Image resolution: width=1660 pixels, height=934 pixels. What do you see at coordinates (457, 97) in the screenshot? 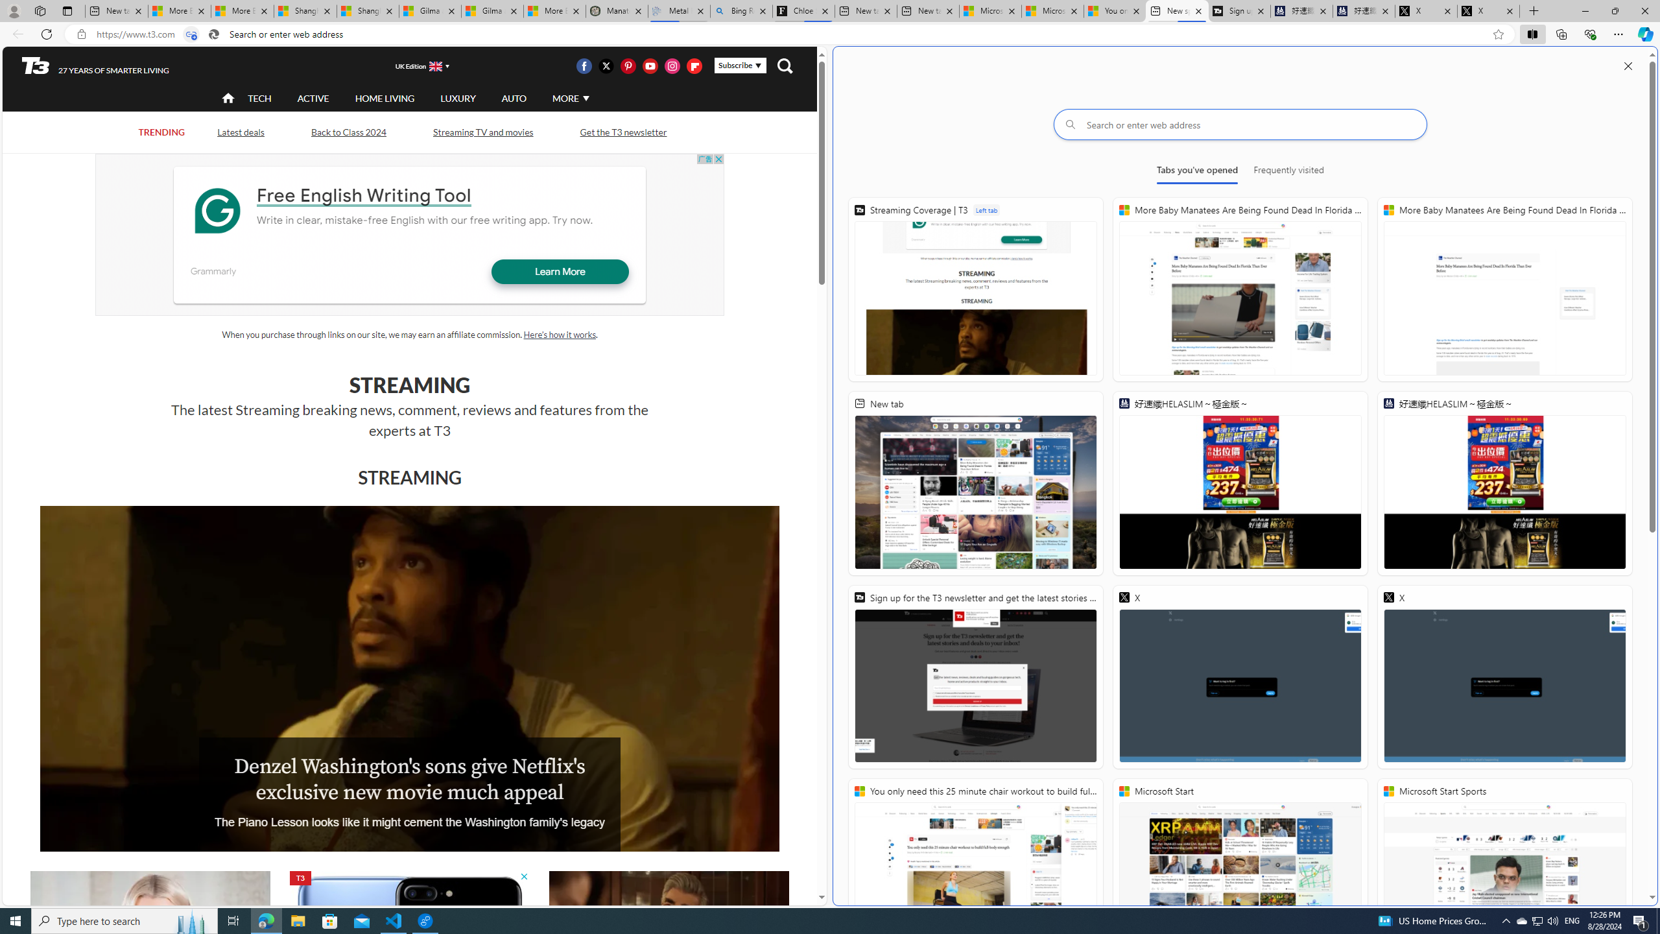
I see `'LUXURY'` at bounding box center [457, 97].